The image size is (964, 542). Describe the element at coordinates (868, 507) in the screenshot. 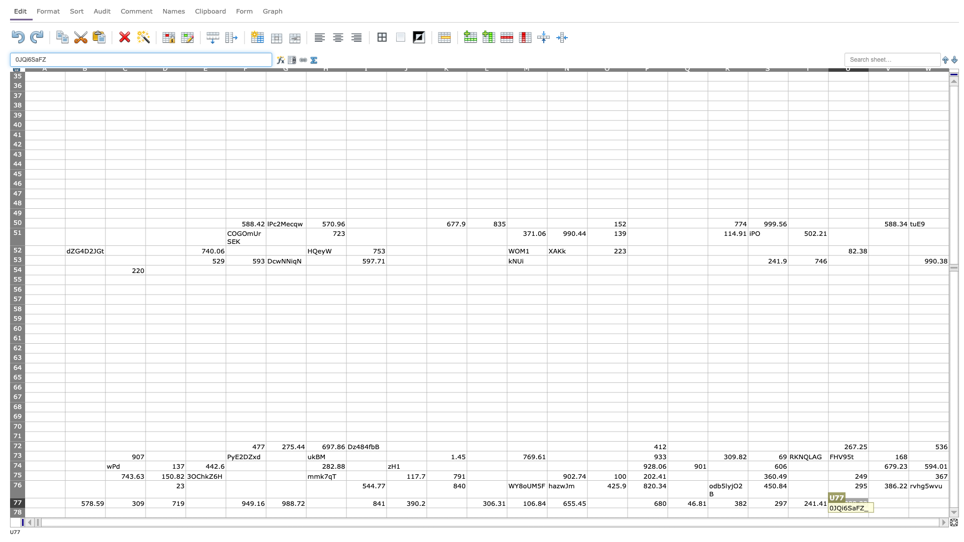

I see `Top left of cell V78` at that location.